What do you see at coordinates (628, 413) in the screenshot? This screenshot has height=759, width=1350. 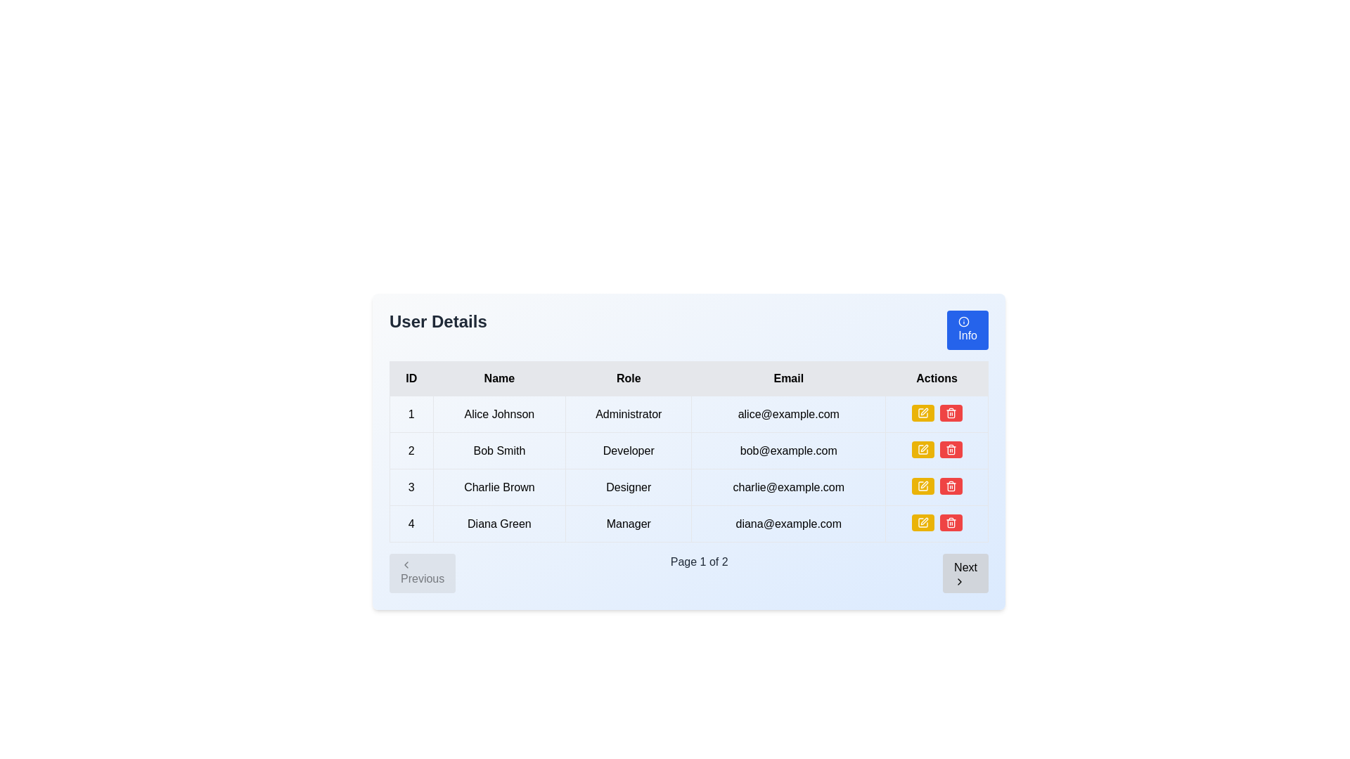 I see `the static text label indicating the role of user 'Alice Johnson' in the table, located in the third column of the first row under the header 'Role'` at bounding box center [628, 413].